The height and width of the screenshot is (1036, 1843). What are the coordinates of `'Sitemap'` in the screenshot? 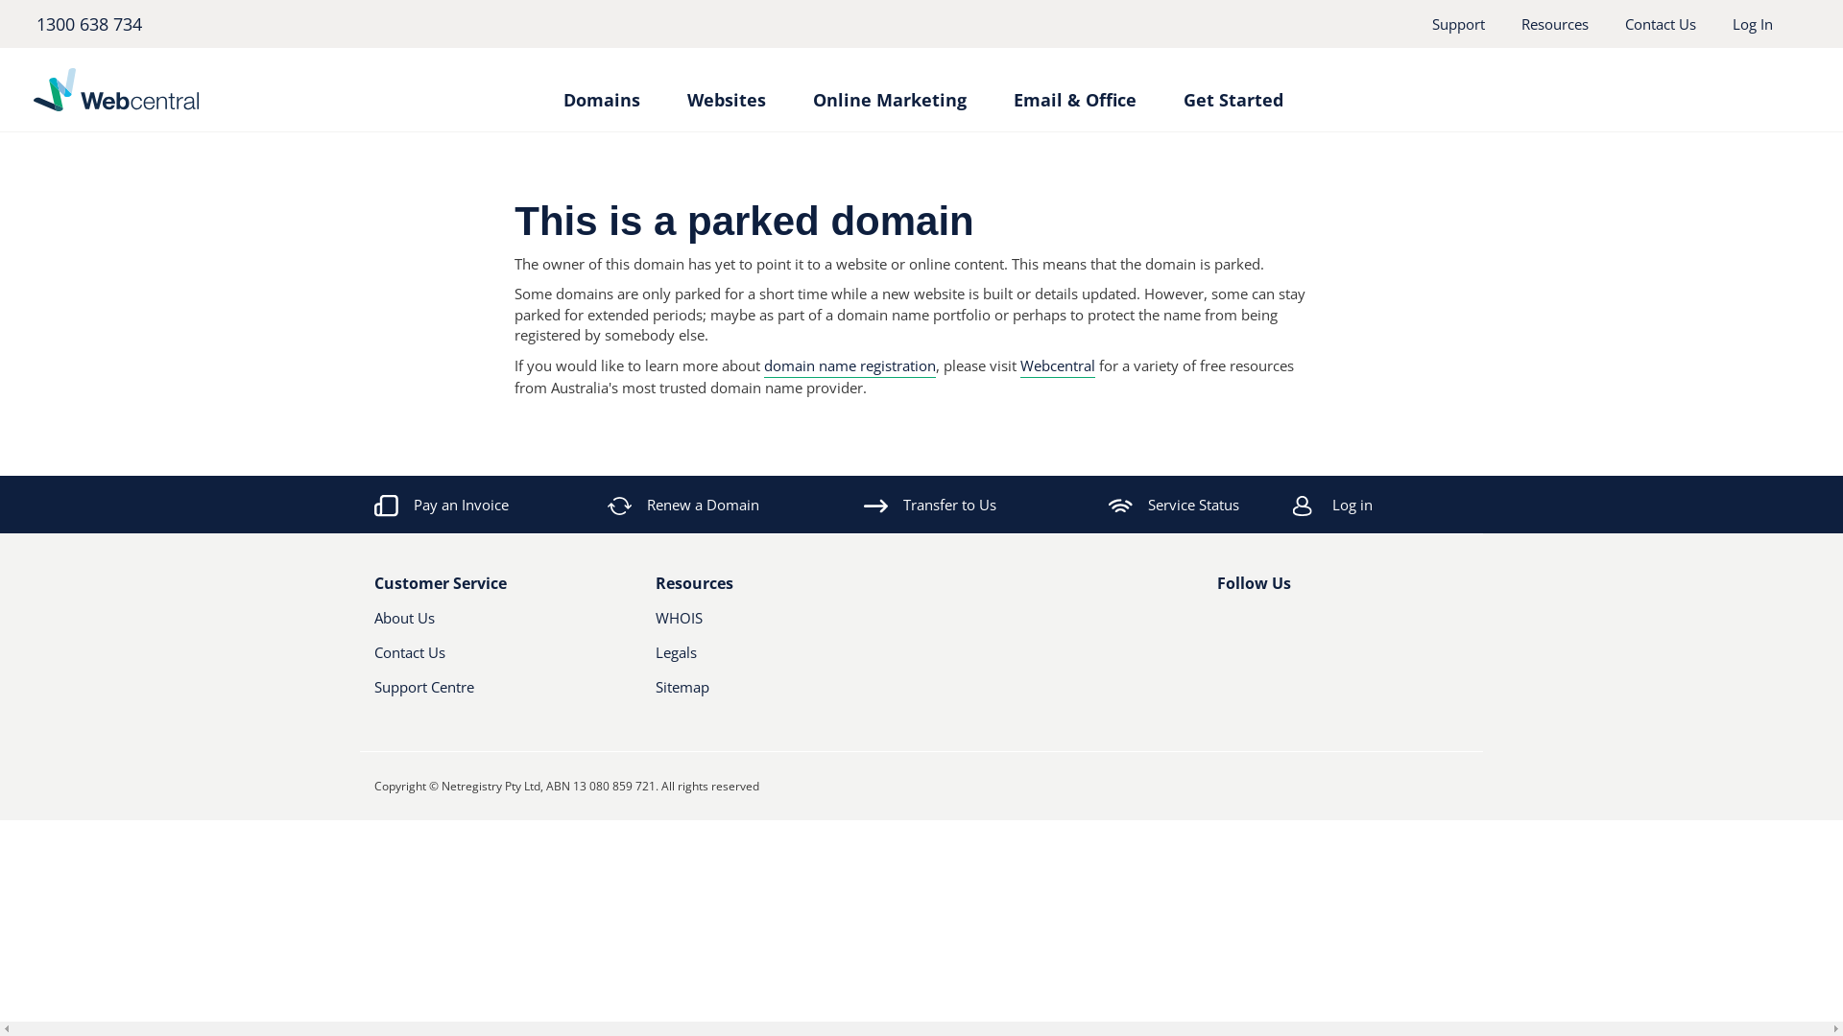 It's located at (654, 695).